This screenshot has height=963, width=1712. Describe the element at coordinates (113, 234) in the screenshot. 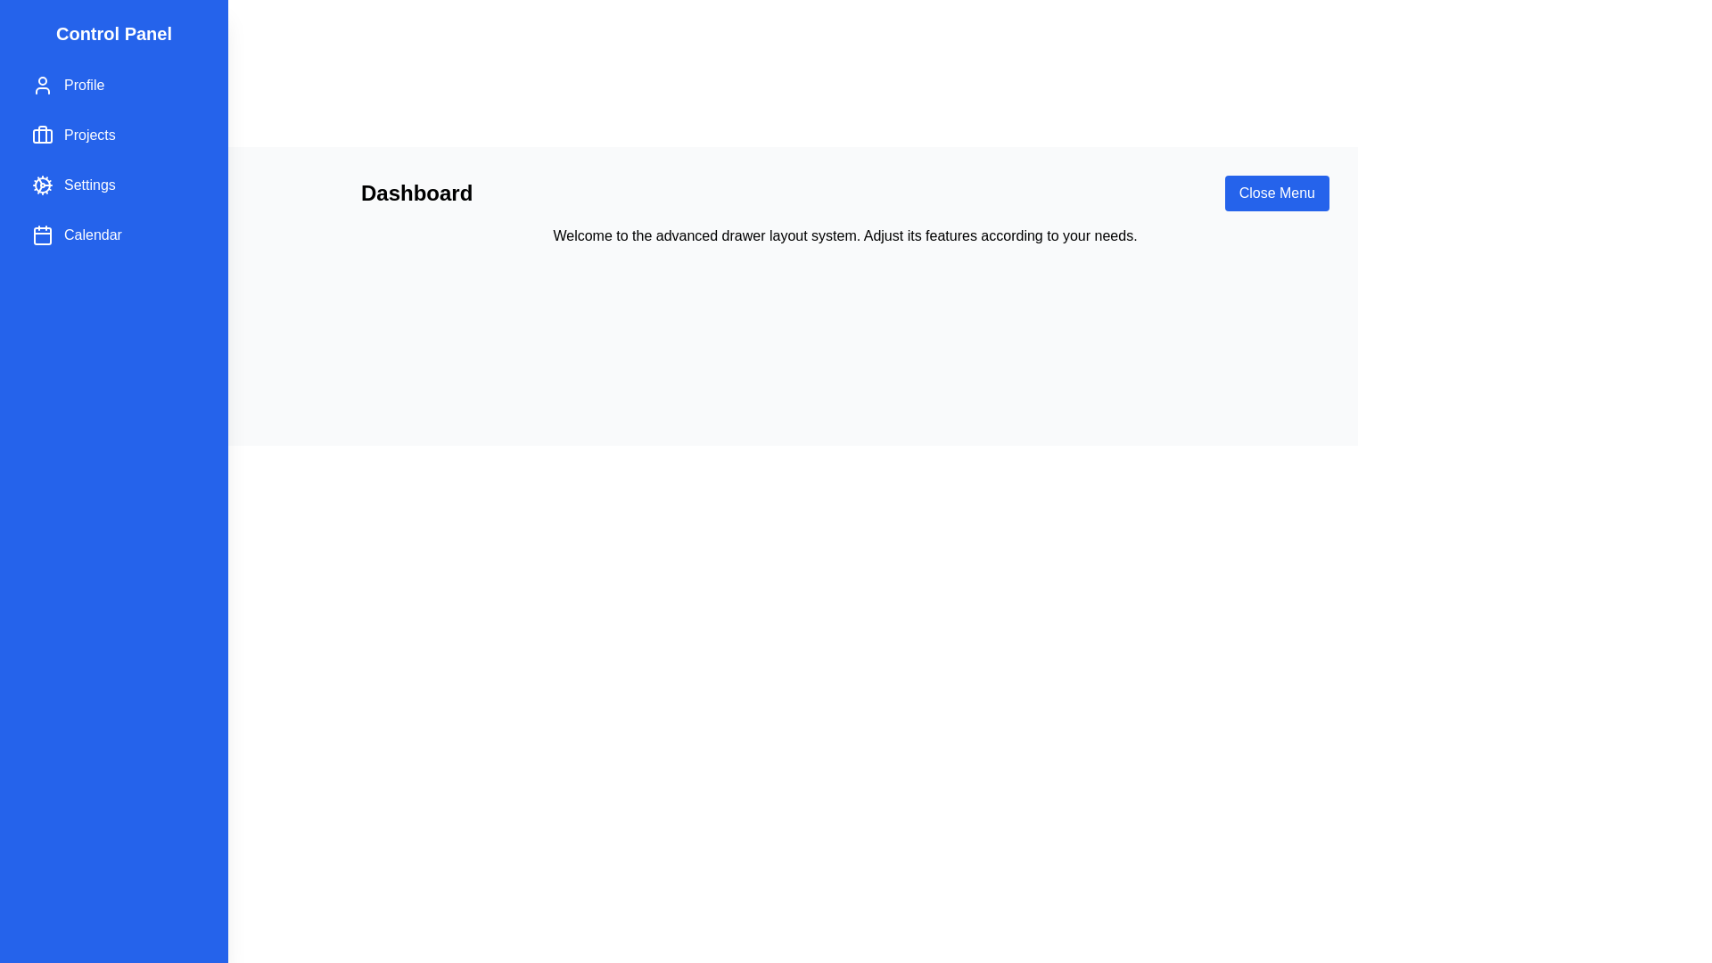

I see `the navigation button located in the left sidebar, which is the fourth item in the vertical menu` at that location.